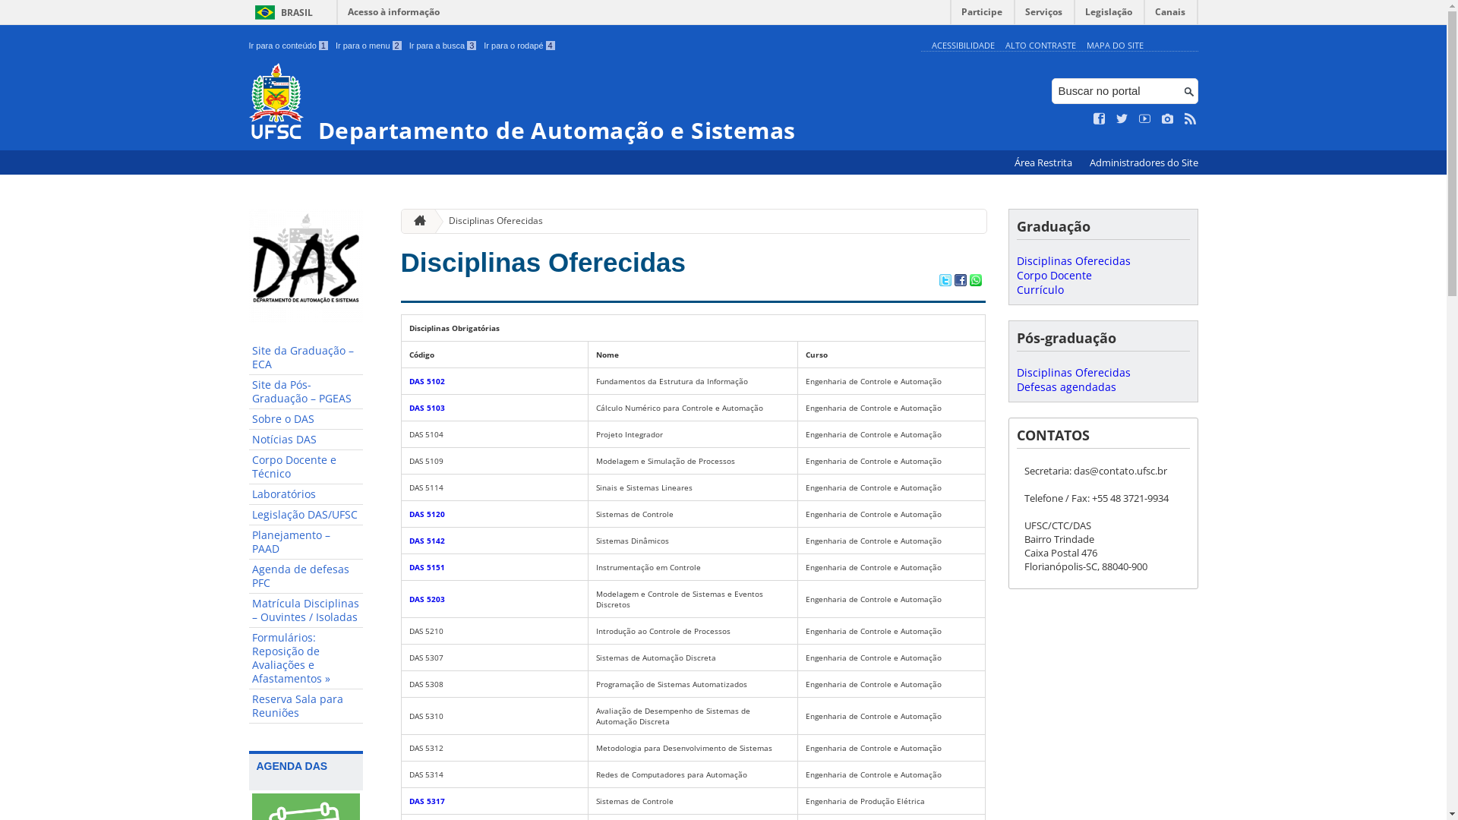 This screenshot has width=1458, height=820. I want to click on 'DAS 5102', so click(425, 380).